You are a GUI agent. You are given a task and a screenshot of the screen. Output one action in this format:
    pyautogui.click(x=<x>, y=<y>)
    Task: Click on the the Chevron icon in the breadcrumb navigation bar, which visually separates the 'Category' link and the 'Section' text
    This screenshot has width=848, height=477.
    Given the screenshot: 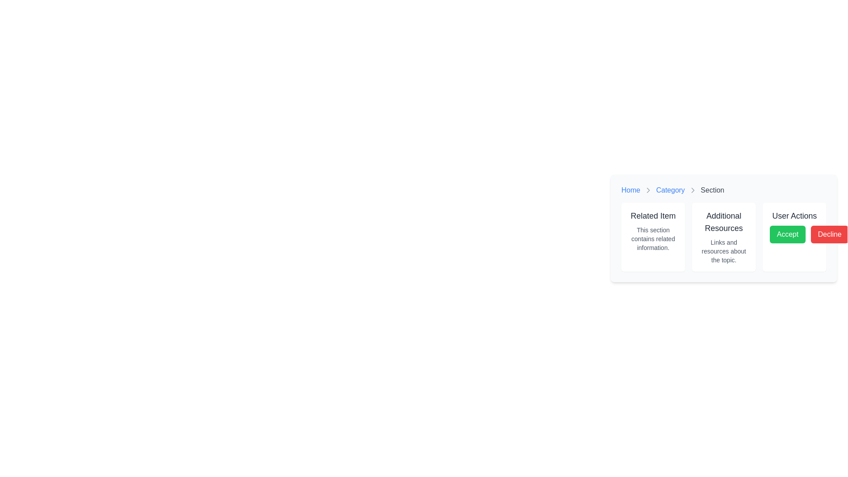 What is the action you would take?
    pyautogui.click(x=692, y=190)
    